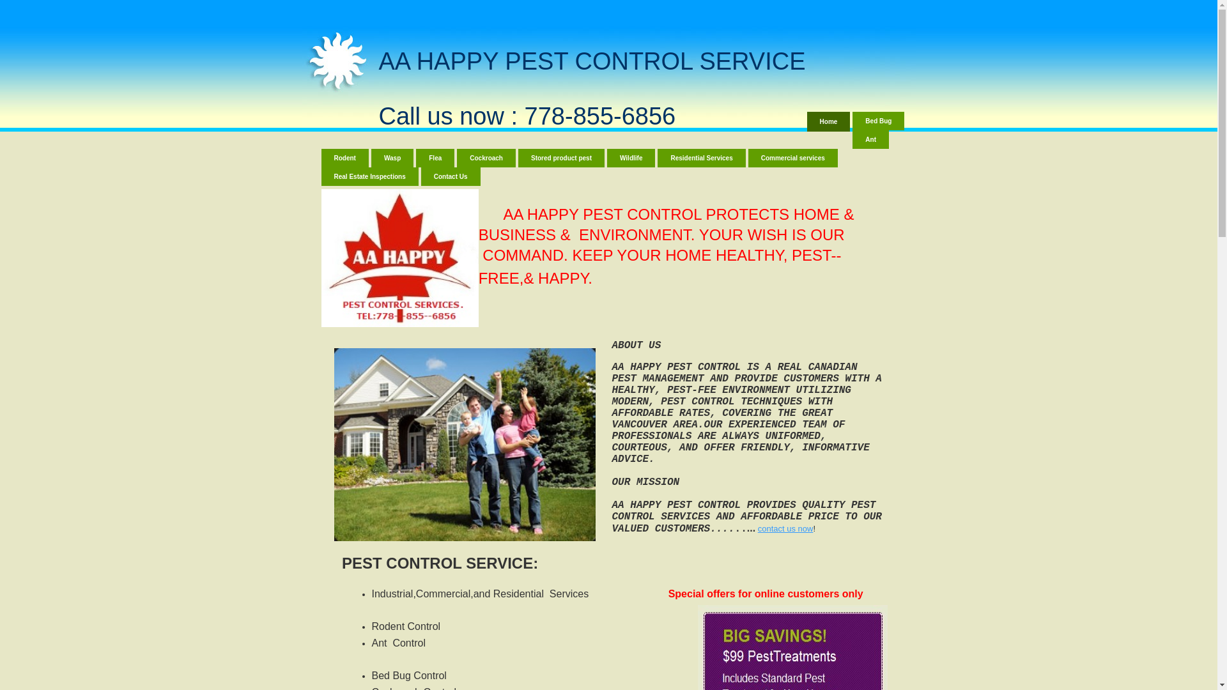 This screenshot has width=1227, height=690. What do you see at coordinates (591, 88) in the screenshot?
I see `'AA HAPPY PEST CONTROL SERVICE` at bounding box center [591, 88].